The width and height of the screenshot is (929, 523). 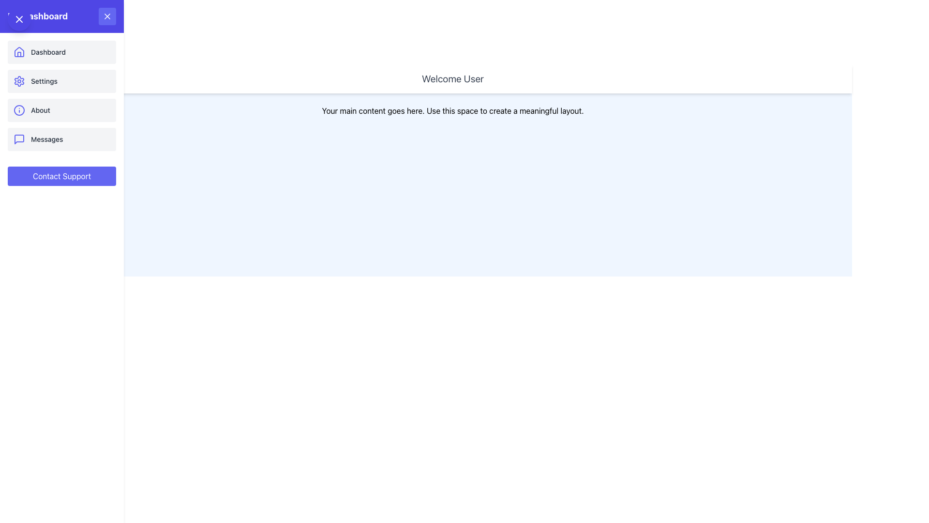 What do you see at coordinates (44, 81) in the screenshot?
I see `the 'Settings' text label located in the sidebar, which is styled with a small font size and changes color on hover` at bounding box center [44, 81].